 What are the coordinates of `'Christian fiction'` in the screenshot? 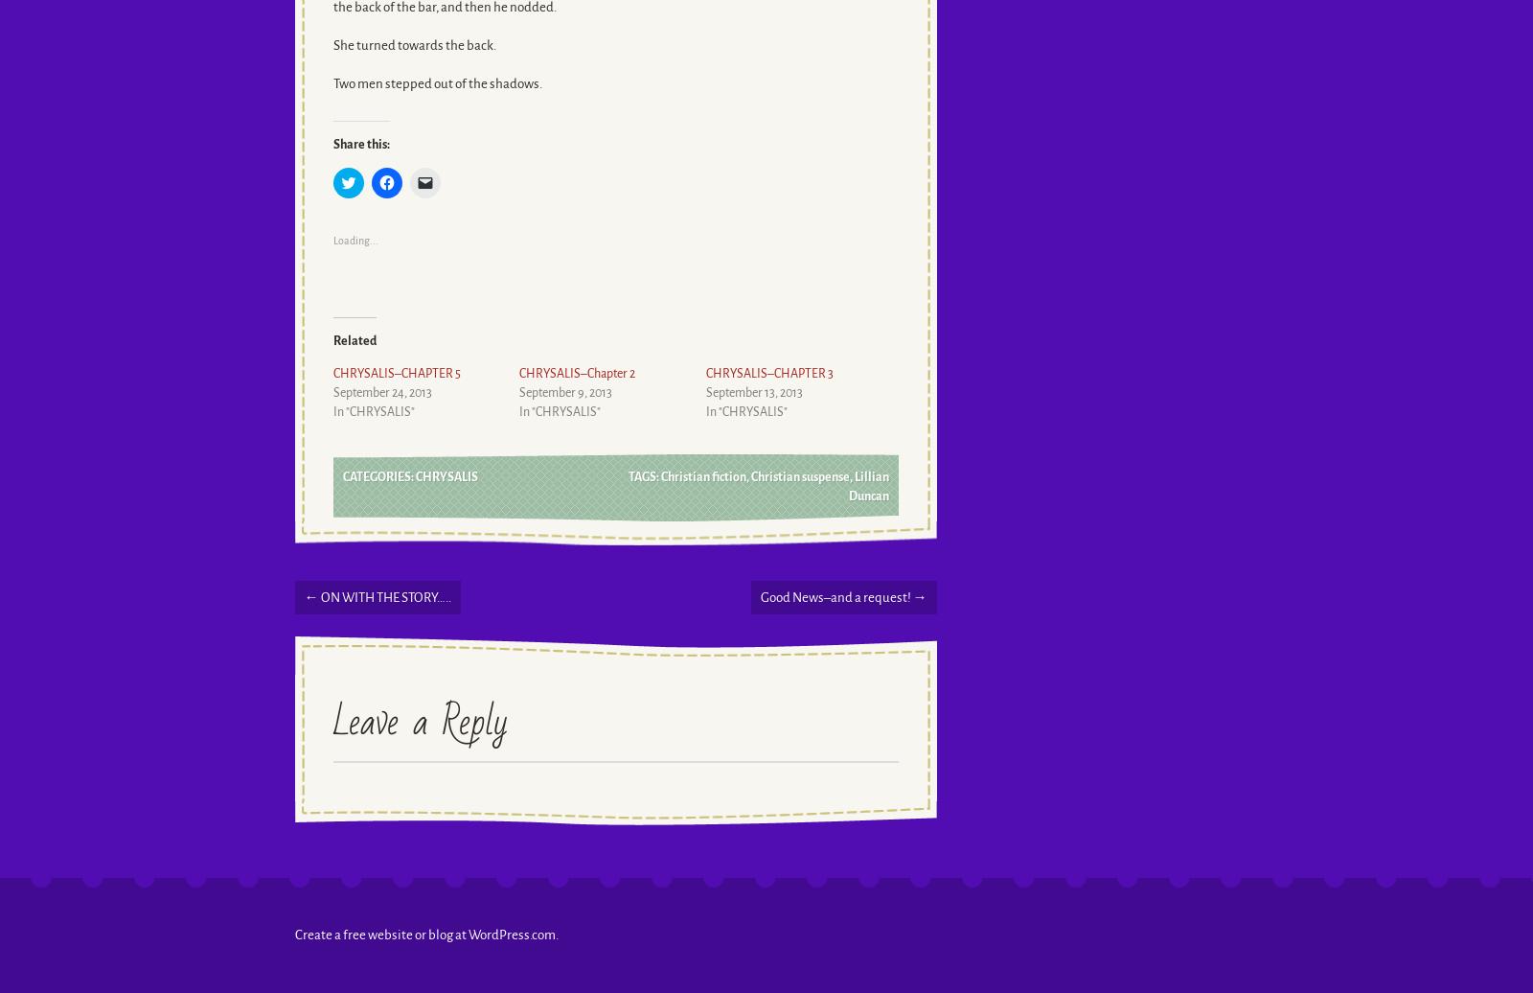 It's located at (659, 475).